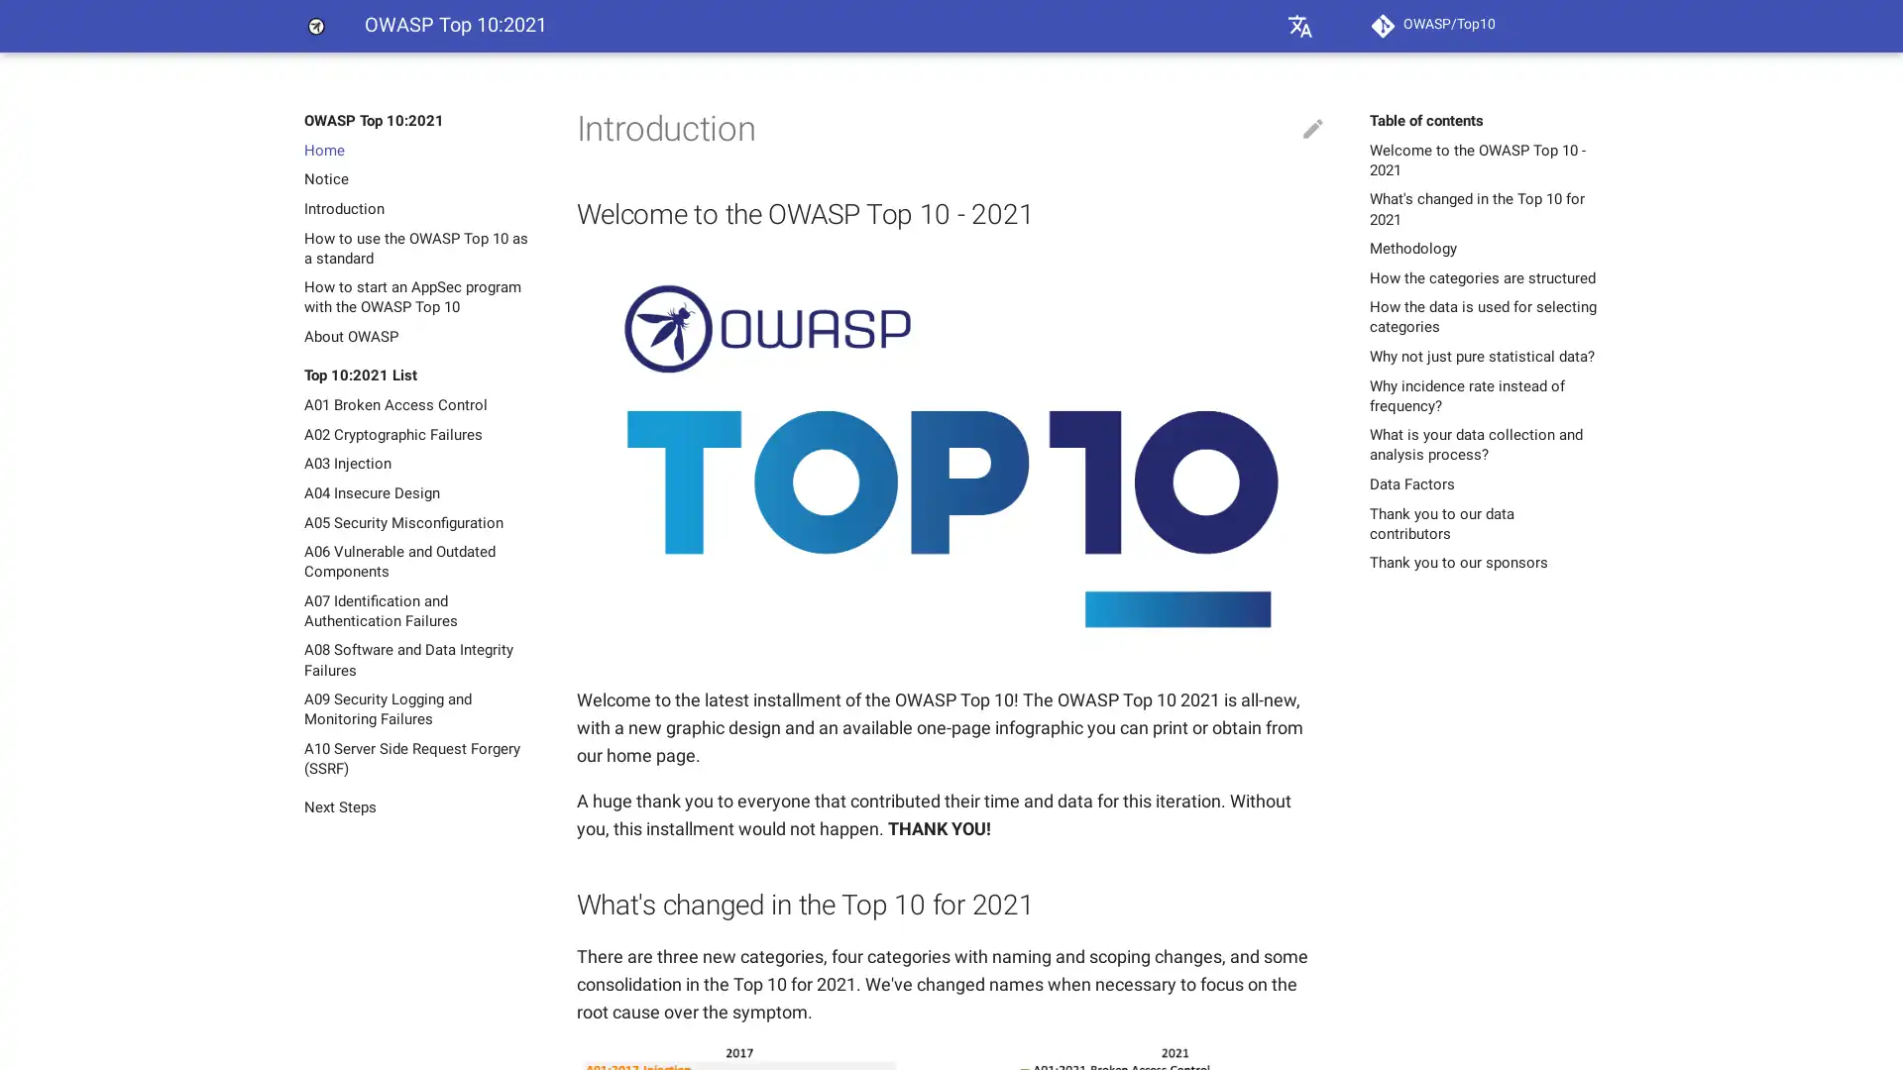 This screenshot has width=1903, height=1070. I want to click on Select language, so click(1299, 26).